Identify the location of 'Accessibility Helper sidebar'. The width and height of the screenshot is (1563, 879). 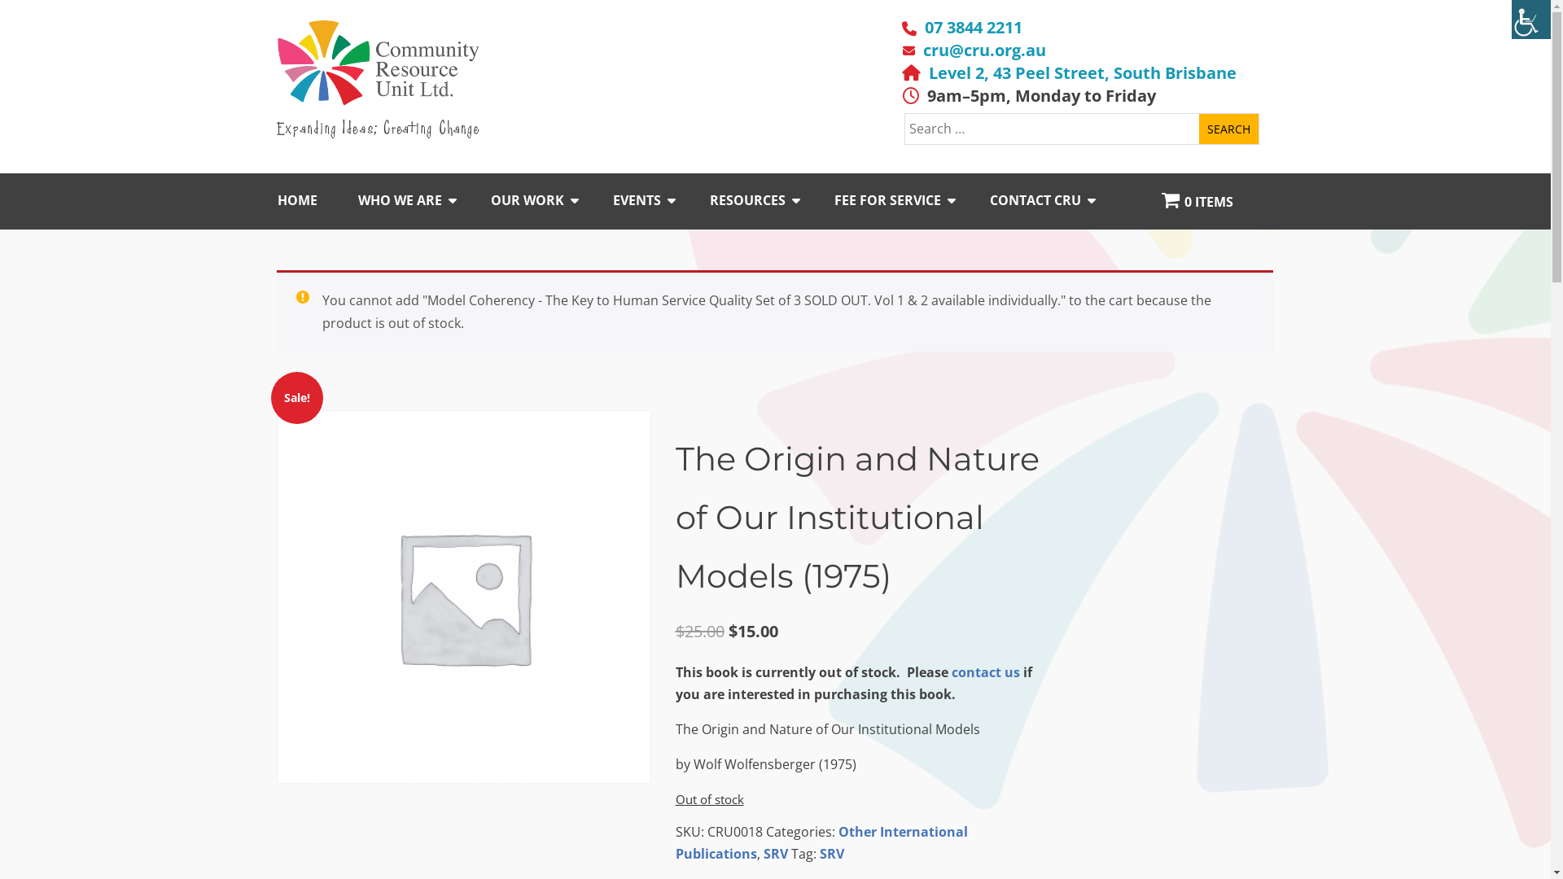
(1530, 19).